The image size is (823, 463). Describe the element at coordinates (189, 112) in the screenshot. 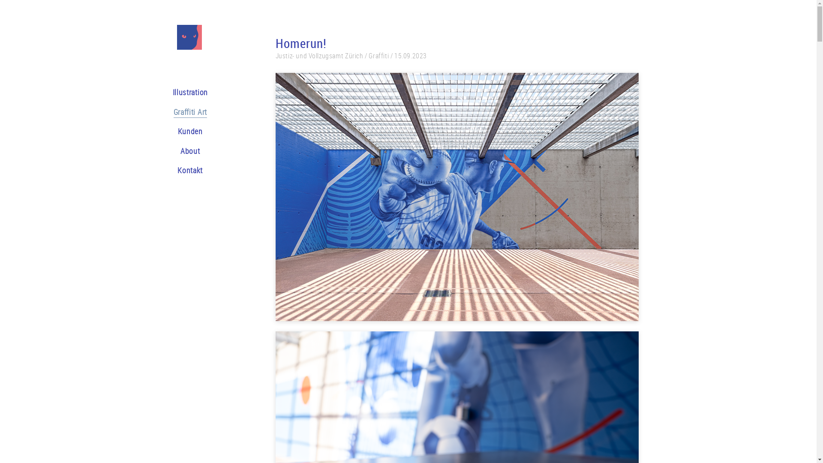

I see `'Graffiti Art'` at that location.